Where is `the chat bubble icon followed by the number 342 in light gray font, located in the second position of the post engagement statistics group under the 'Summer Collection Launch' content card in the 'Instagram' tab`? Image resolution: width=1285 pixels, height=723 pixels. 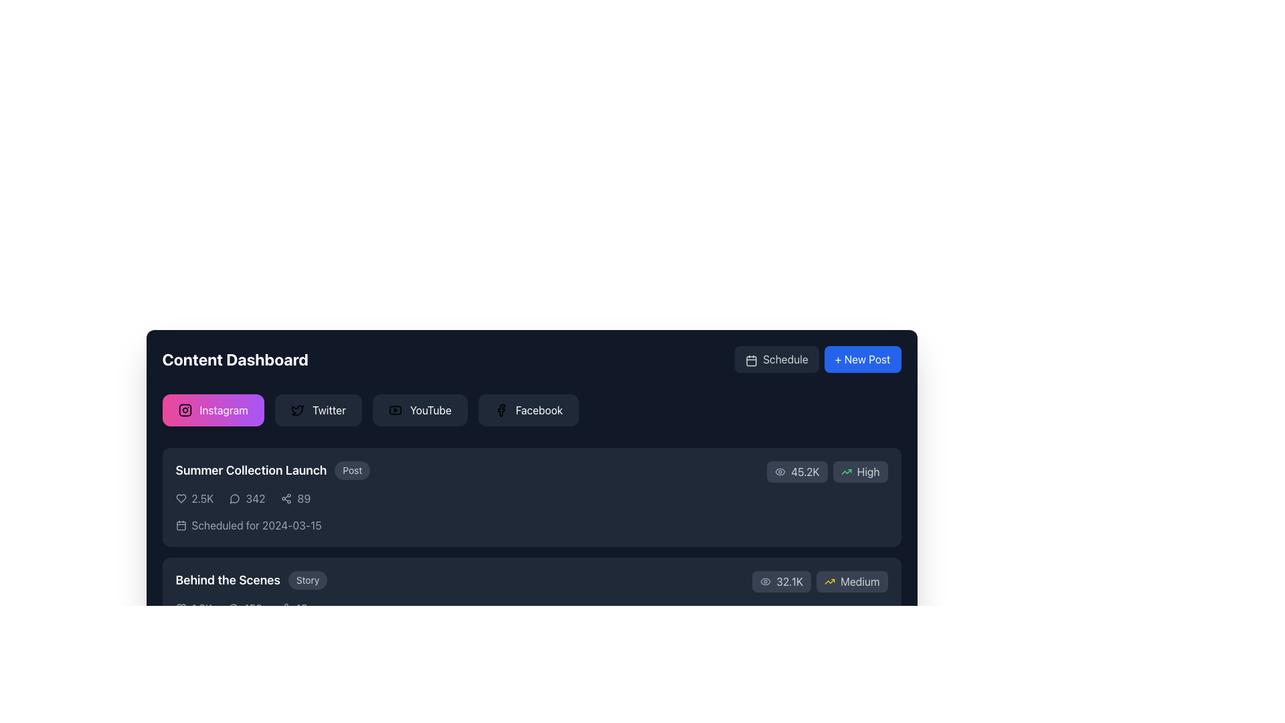 the chat bubble icon followed by the number 342 in light gray font, located in the second position of the post engagement statistics group under the 'Summer Collection Launch' content card in the 'Instagram' tab is located at coordinates (247, 498).